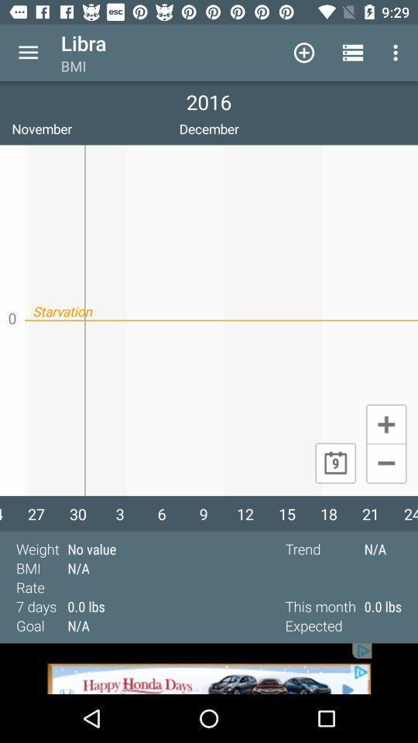 The image size is (418, 743). What do you see at coordinates (28, 53) in the screenshot?
I see `more options` at bounding box center [28, 53].